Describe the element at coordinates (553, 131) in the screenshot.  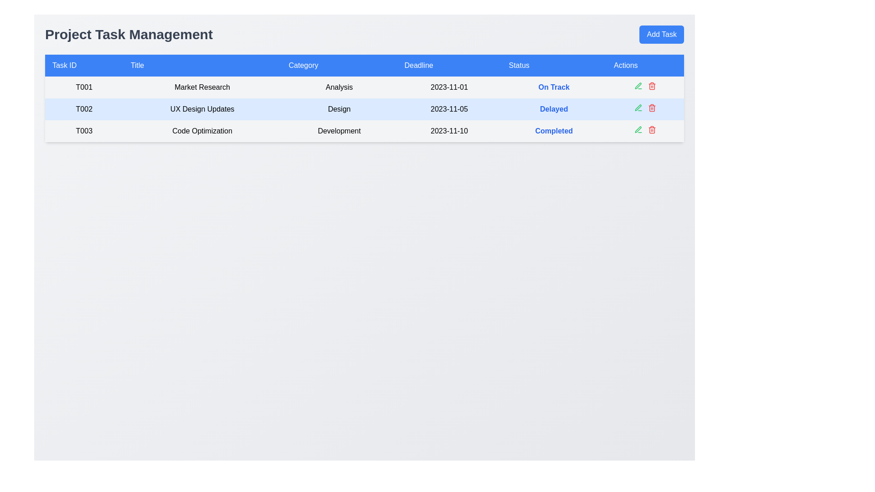
I see `the status indicator text label that shows 'Completed' for task 'T003' titled 'Code Optimization'` at that location.